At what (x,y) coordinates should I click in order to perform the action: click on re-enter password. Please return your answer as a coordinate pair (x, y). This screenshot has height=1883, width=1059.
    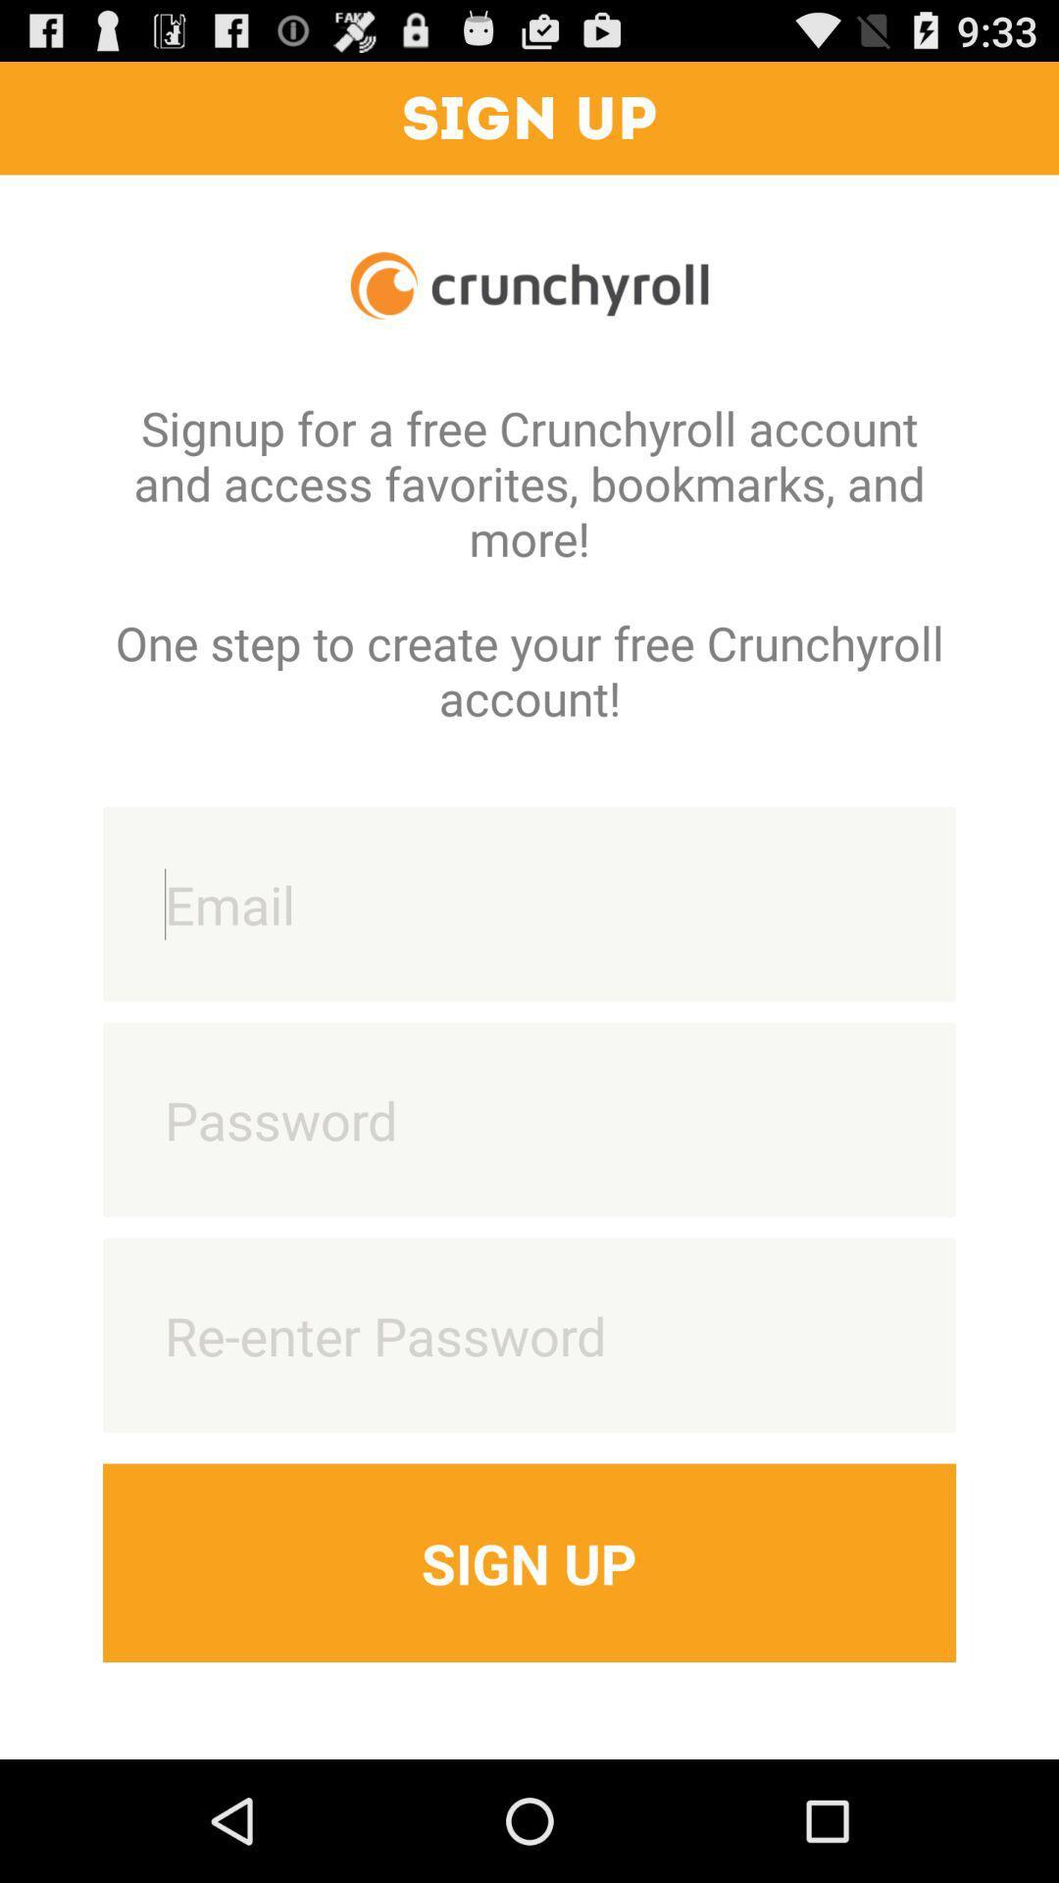
    Looking at the image, I should click on (529, 1334).